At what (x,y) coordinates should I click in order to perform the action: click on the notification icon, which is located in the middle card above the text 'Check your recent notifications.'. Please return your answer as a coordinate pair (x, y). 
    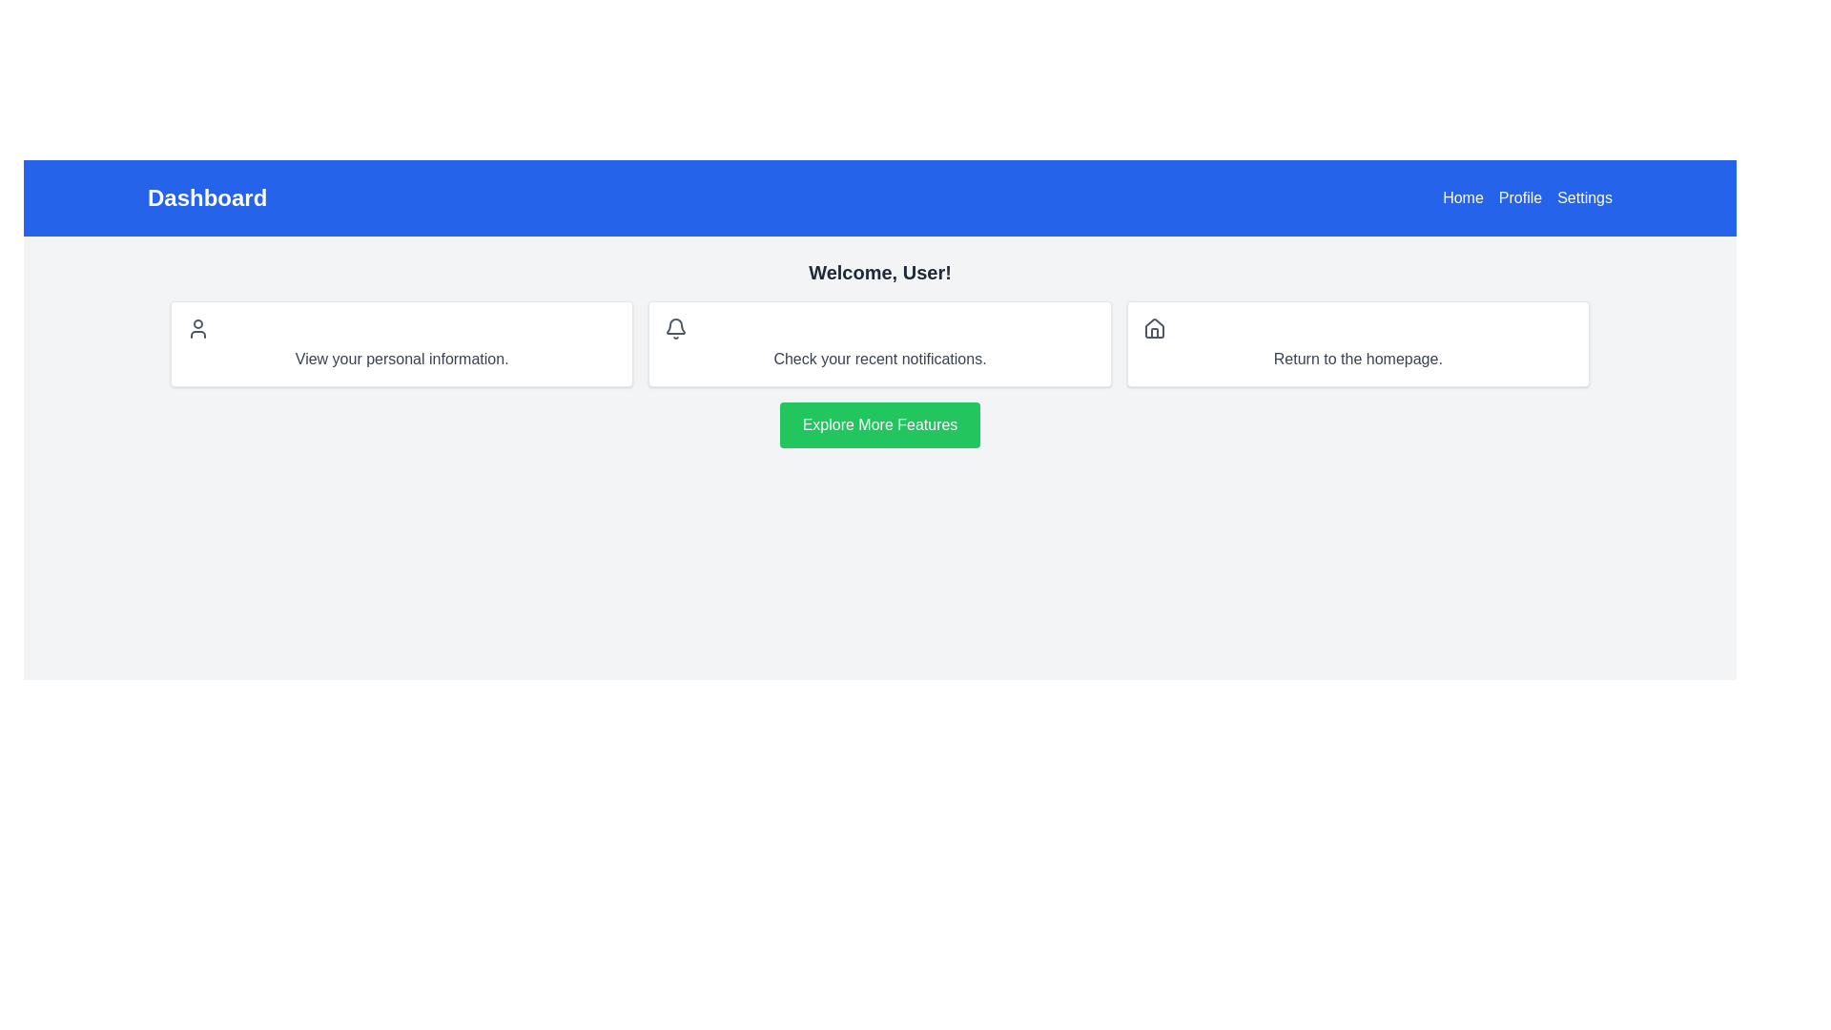
    Looking at the image, I should click on (676, 325).